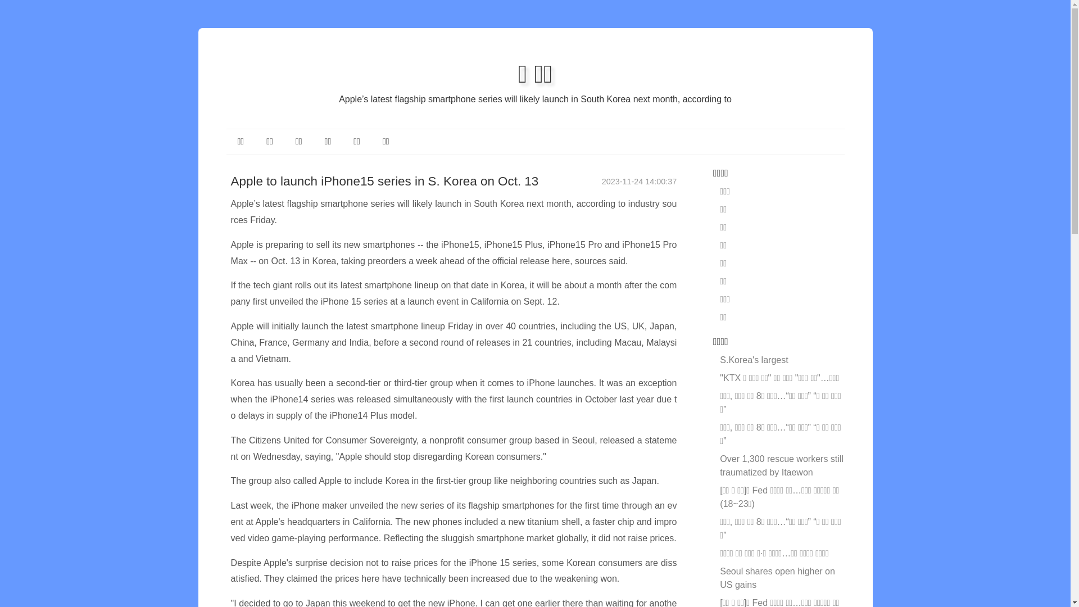  Describe the element at coordinates (777, 578) in the screenshot. I see `'Seoul shares open higher on US gains'` at that location.